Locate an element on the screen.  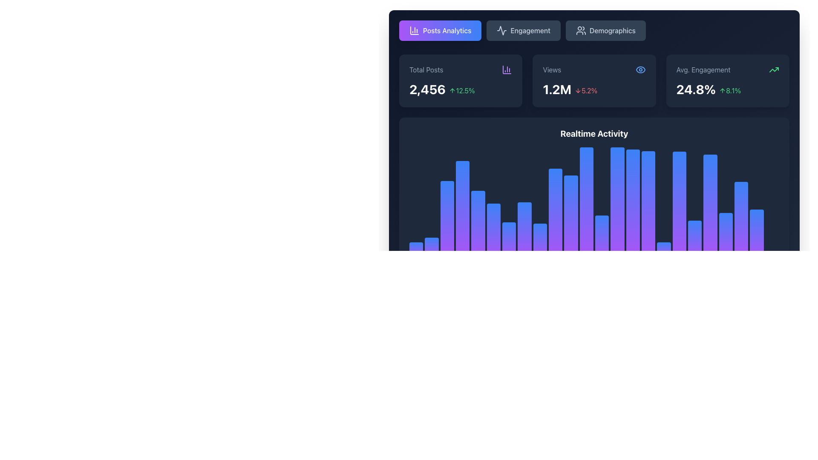
the upward arrow icon located in the 'Total Posts' card to use its associated data for interpretation is located at coordinates (452, 90).